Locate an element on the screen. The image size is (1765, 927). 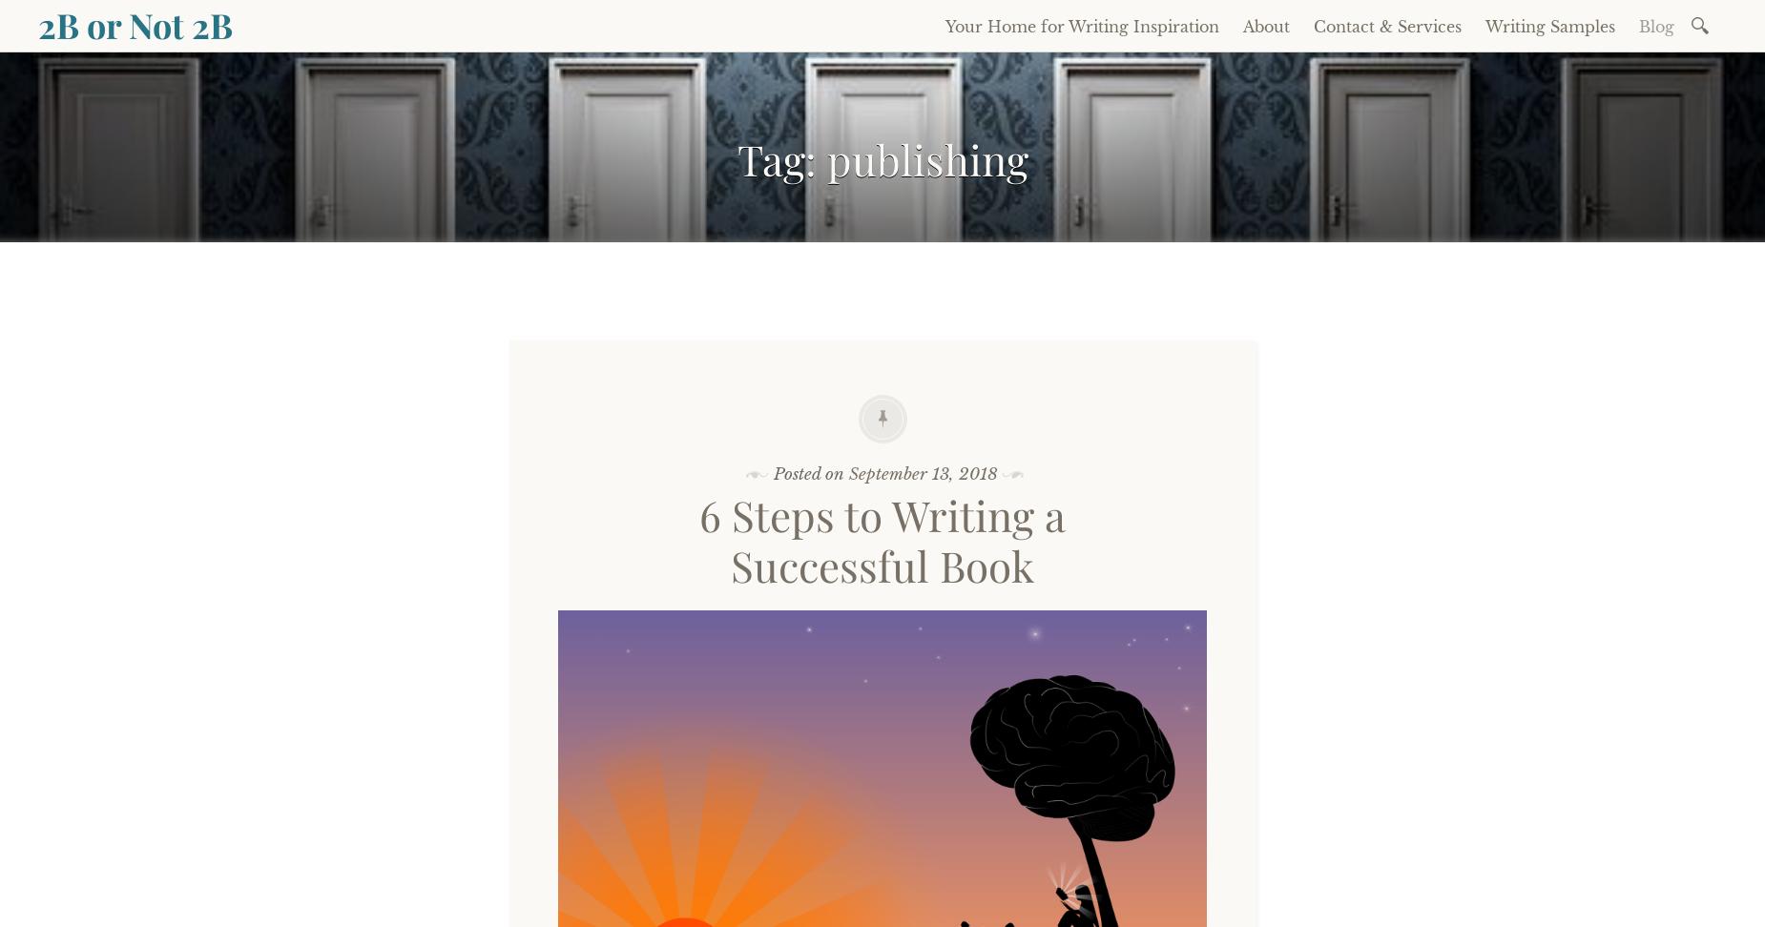
'Your Home for Writing Inspiration' is located at coordinates (1081, 26).